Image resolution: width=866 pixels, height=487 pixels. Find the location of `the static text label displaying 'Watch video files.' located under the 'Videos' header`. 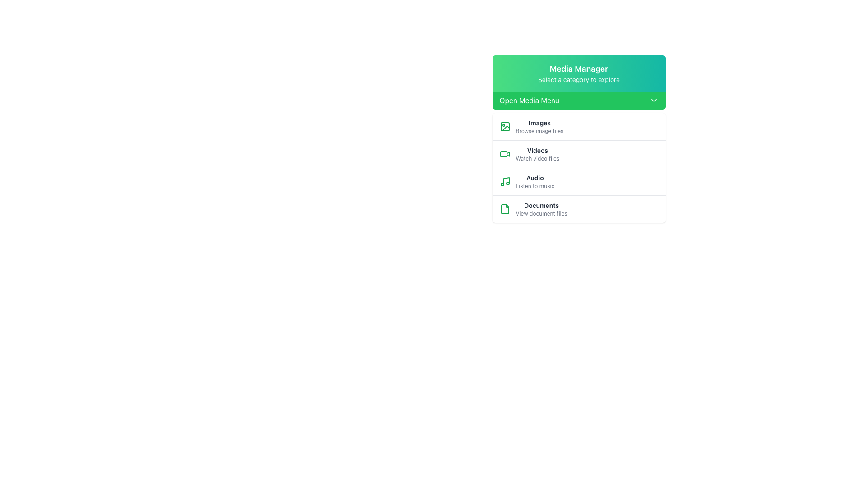

the static text label displaying 'Watch video files.' located under the 'Videos' header is located at coordinates (537, 158).